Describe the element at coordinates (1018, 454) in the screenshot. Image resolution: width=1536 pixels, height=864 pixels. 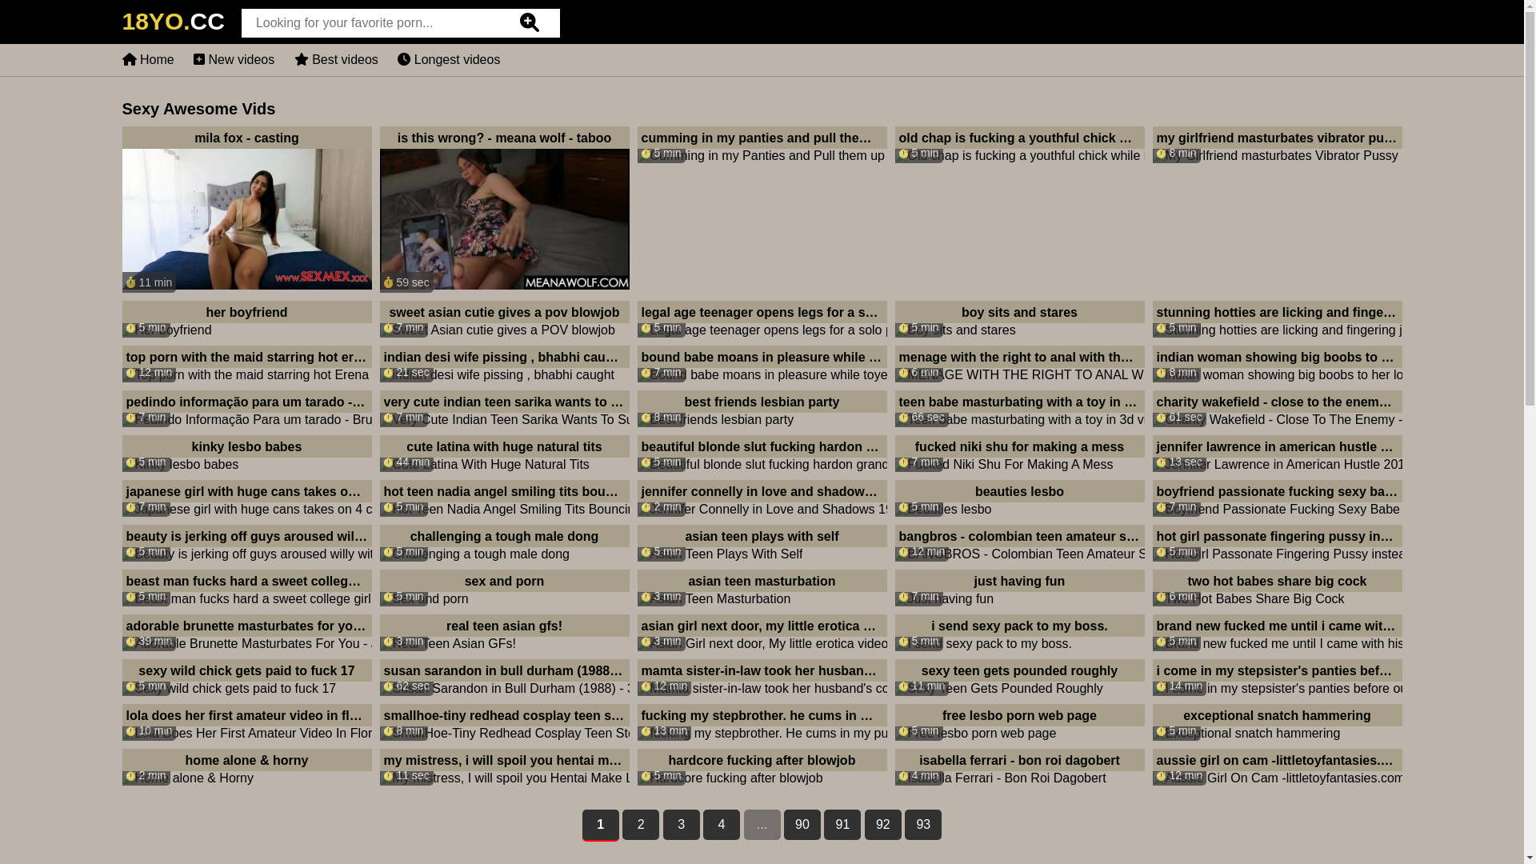
I see `'7 min` at that location.